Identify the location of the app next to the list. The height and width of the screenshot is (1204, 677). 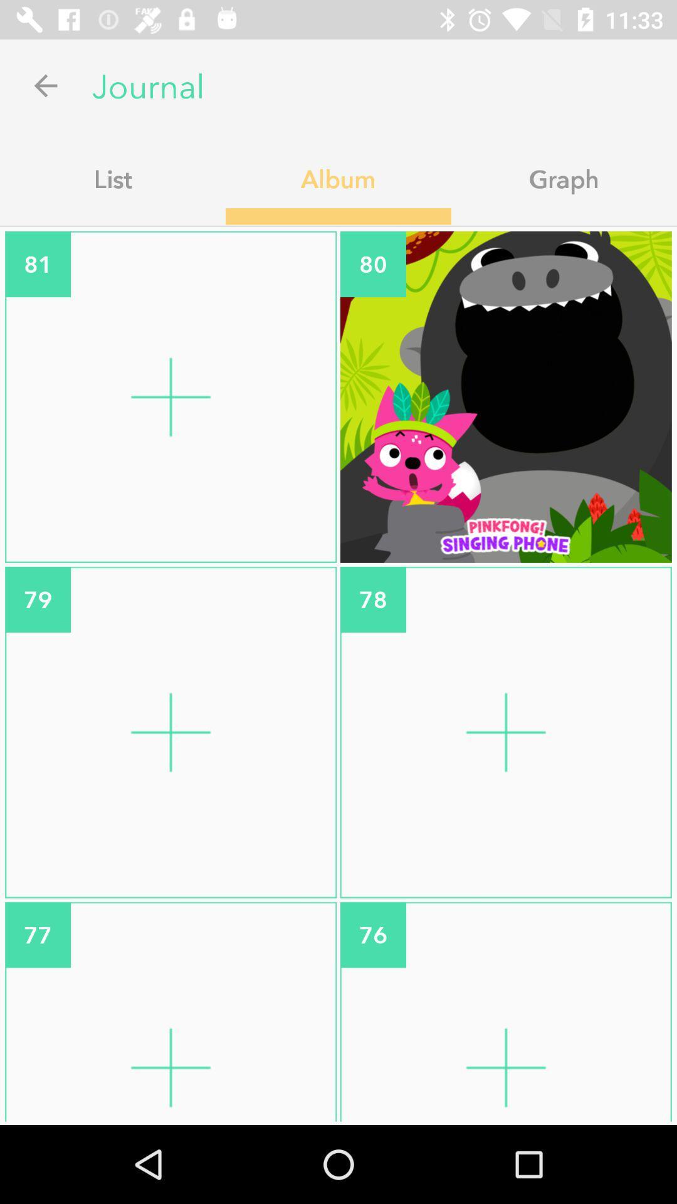
(338, 178).